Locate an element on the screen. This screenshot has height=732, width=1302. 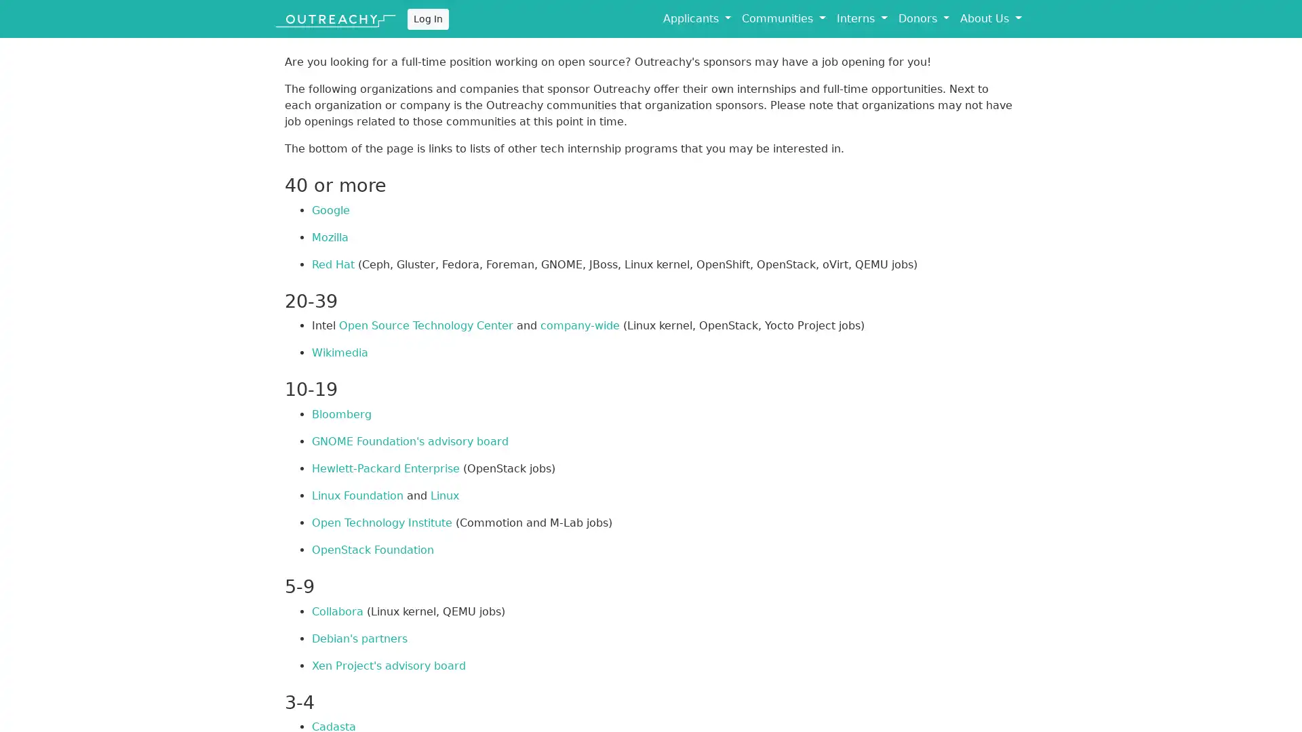
Log In is located at coordinates (427, 18).